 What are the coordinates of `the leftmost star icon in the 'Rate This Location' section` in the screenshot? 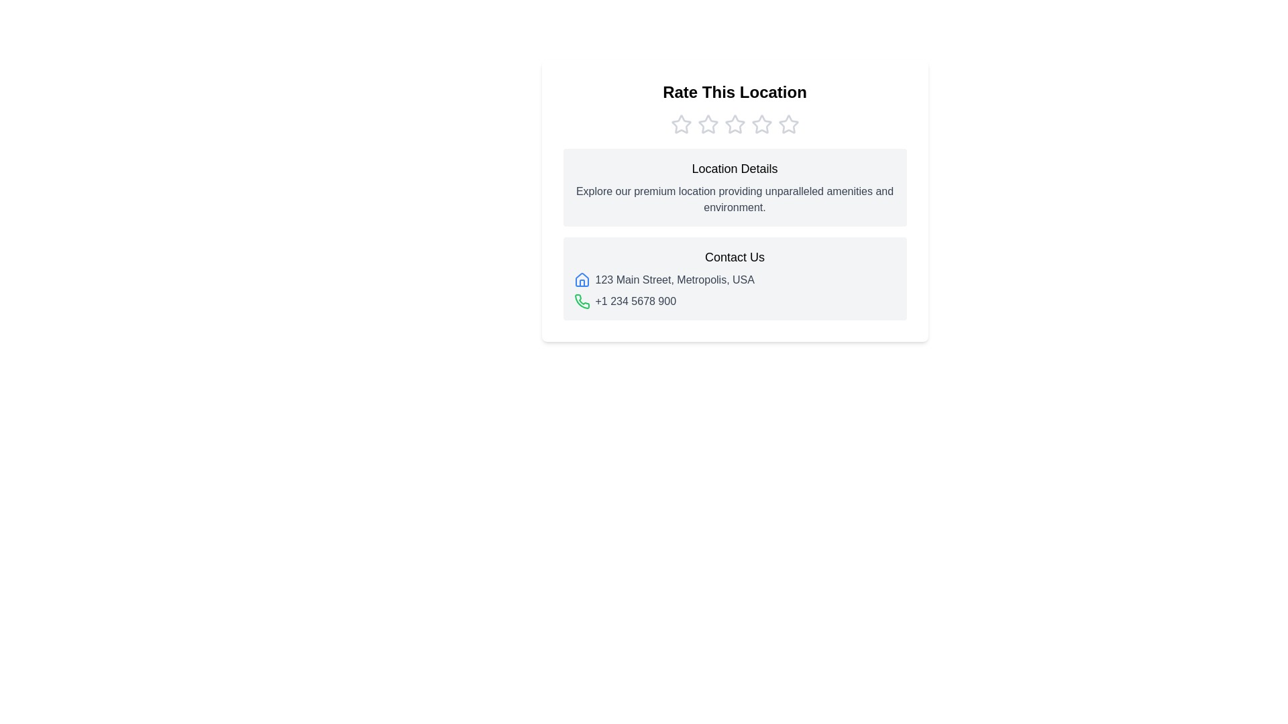 It's located at (681, 124).